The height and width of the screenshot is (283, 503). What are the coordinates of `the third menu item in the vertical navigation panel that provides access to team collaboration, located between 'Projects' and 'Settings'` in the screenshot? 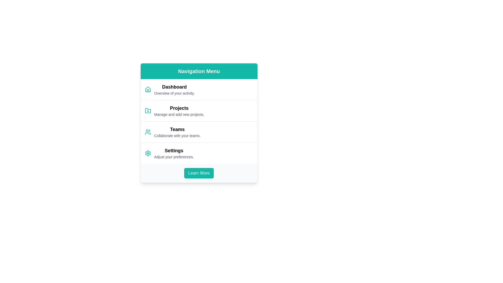 It's located at (199, 132).